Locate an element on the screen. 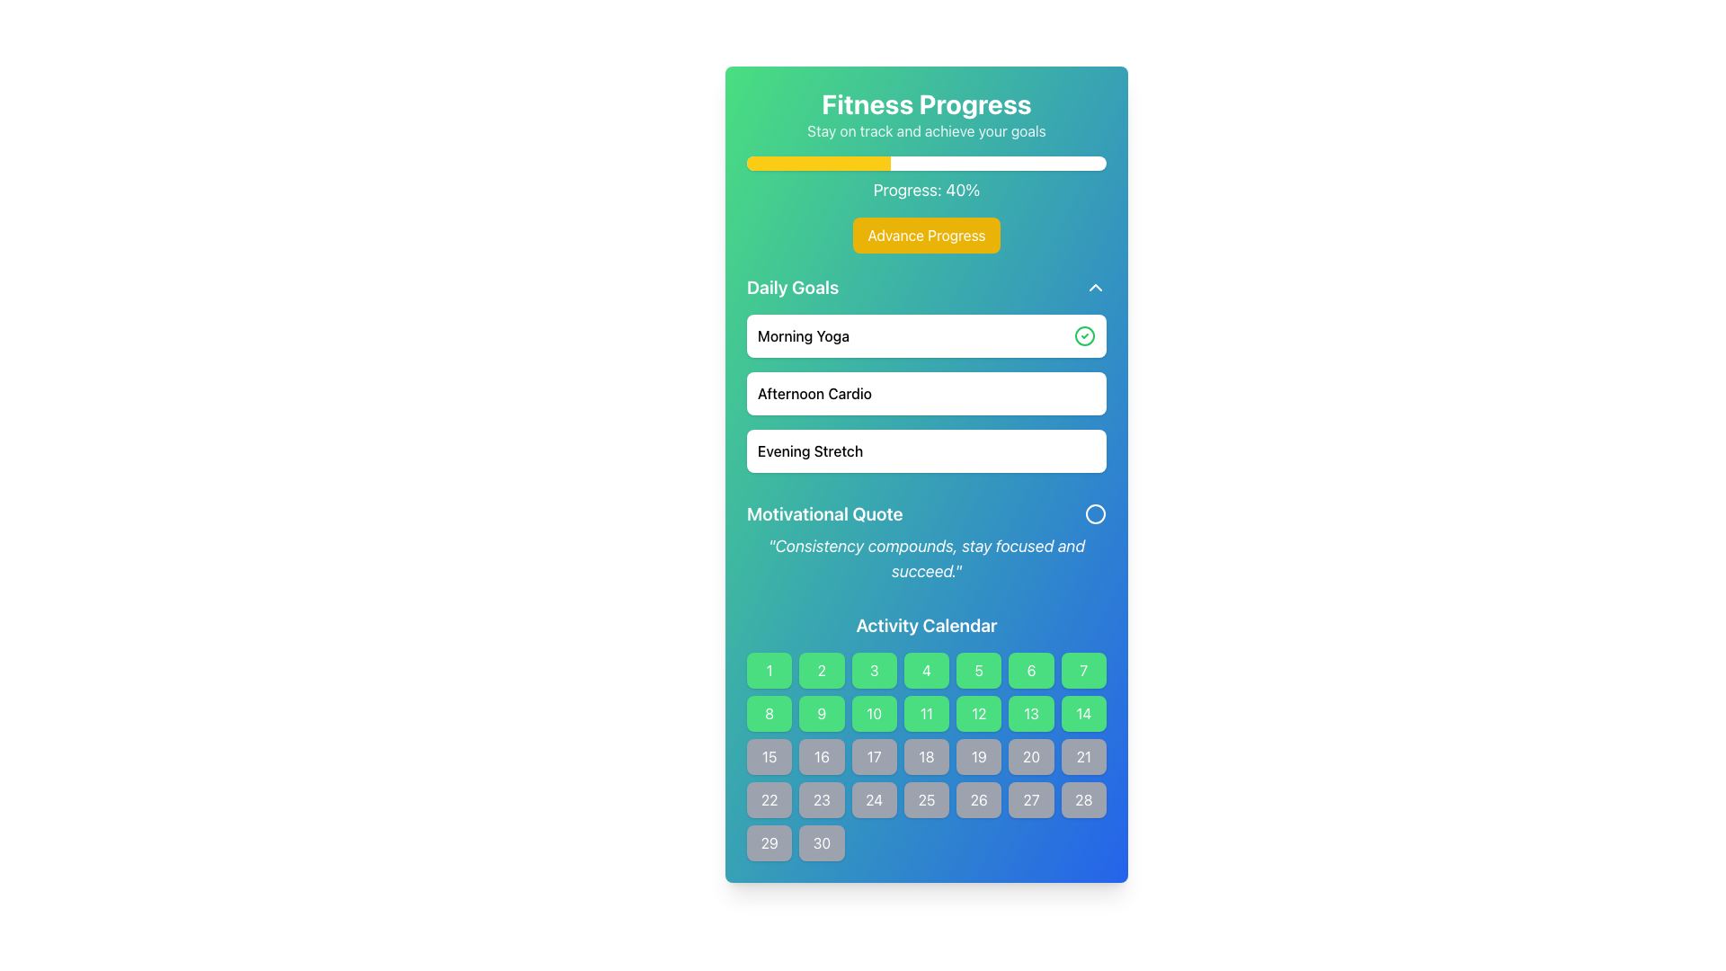 The height and width of the screenshot is (971, 1726). text from the text label that displays 'Motivational Quote', which is styled in bold white font and located below the 'Daily Goals' section is located at coordinates (823, 513).